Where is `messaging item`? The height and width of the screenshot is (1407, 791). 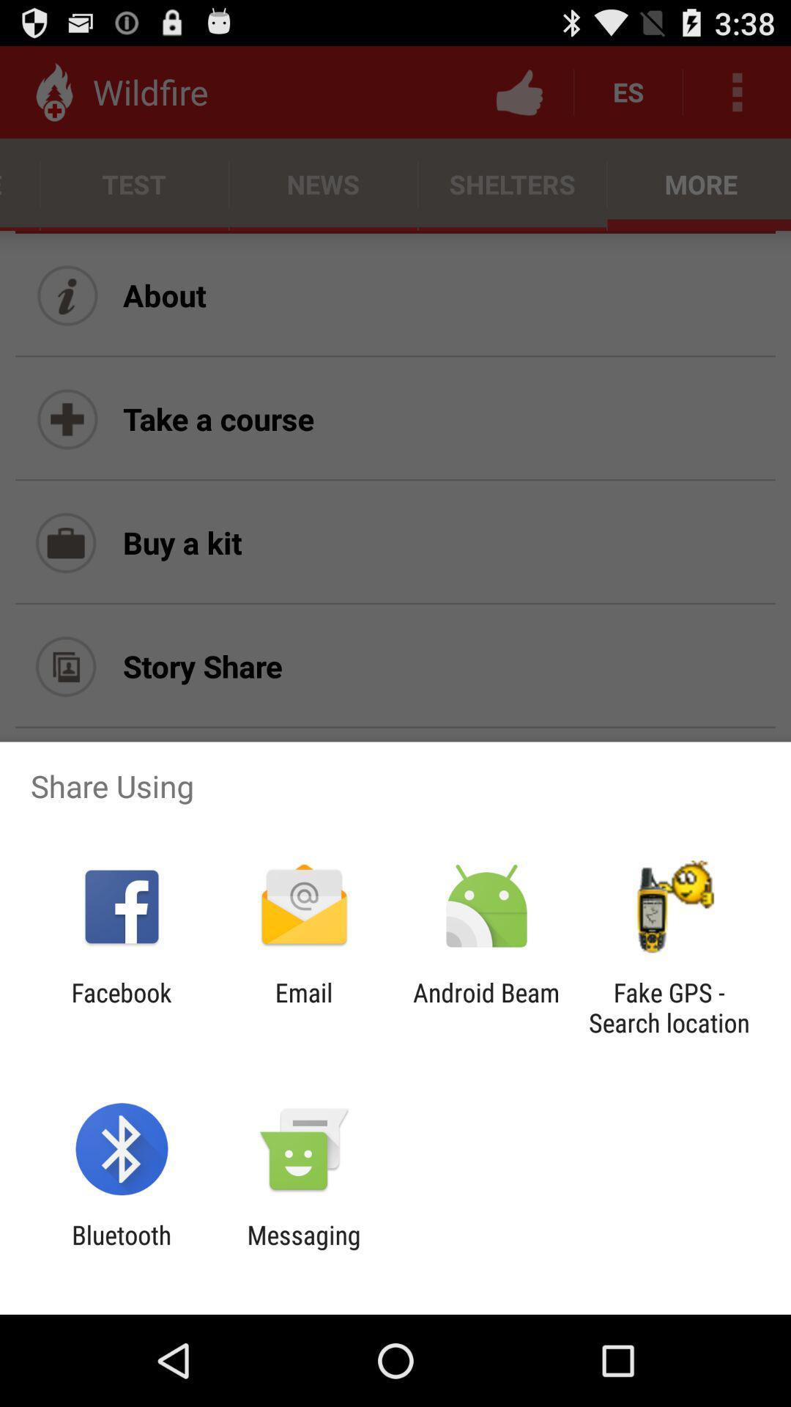
messaging item is located at coordinates (303, 1249).